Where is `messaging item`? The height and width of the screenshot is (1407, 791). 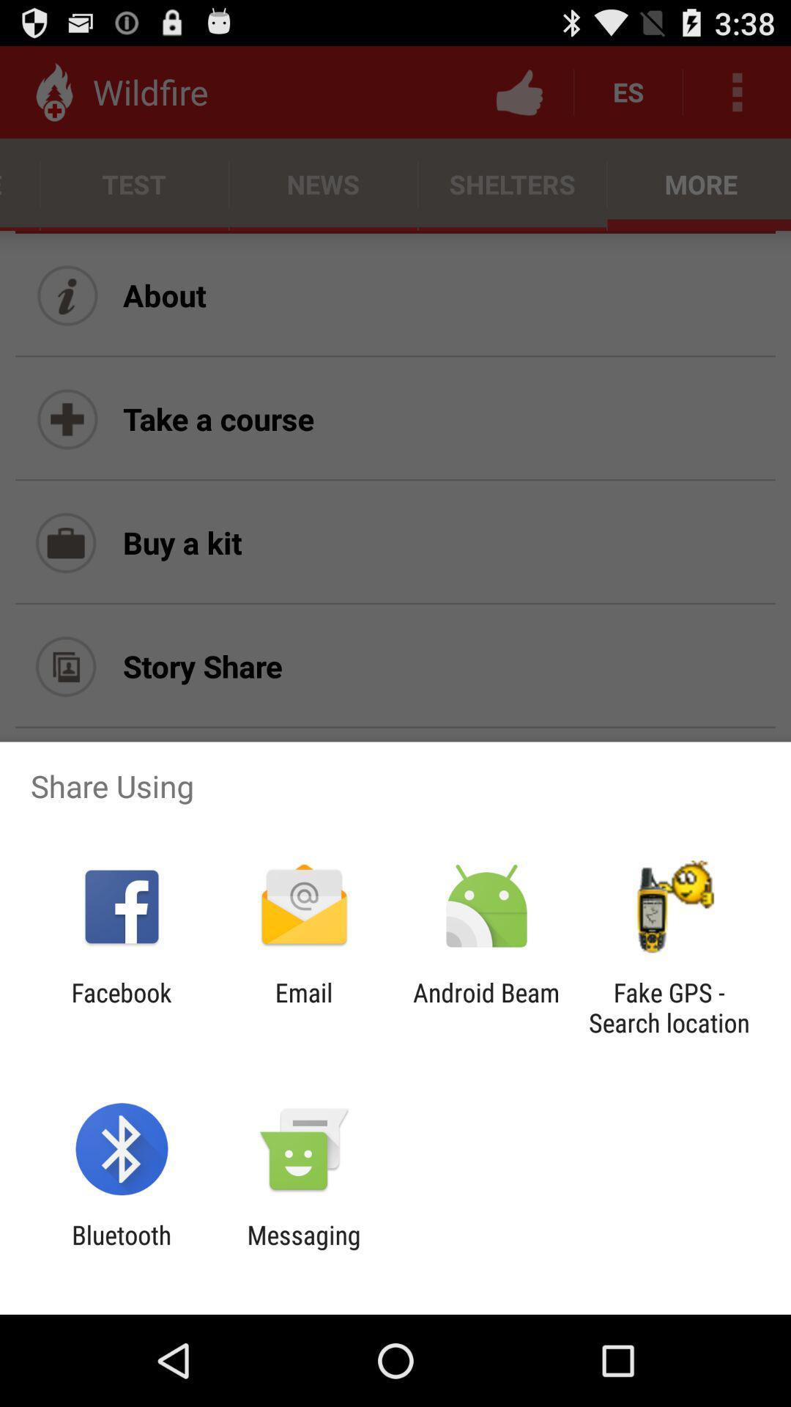
messaging item is located at coordinates (303, 1249).